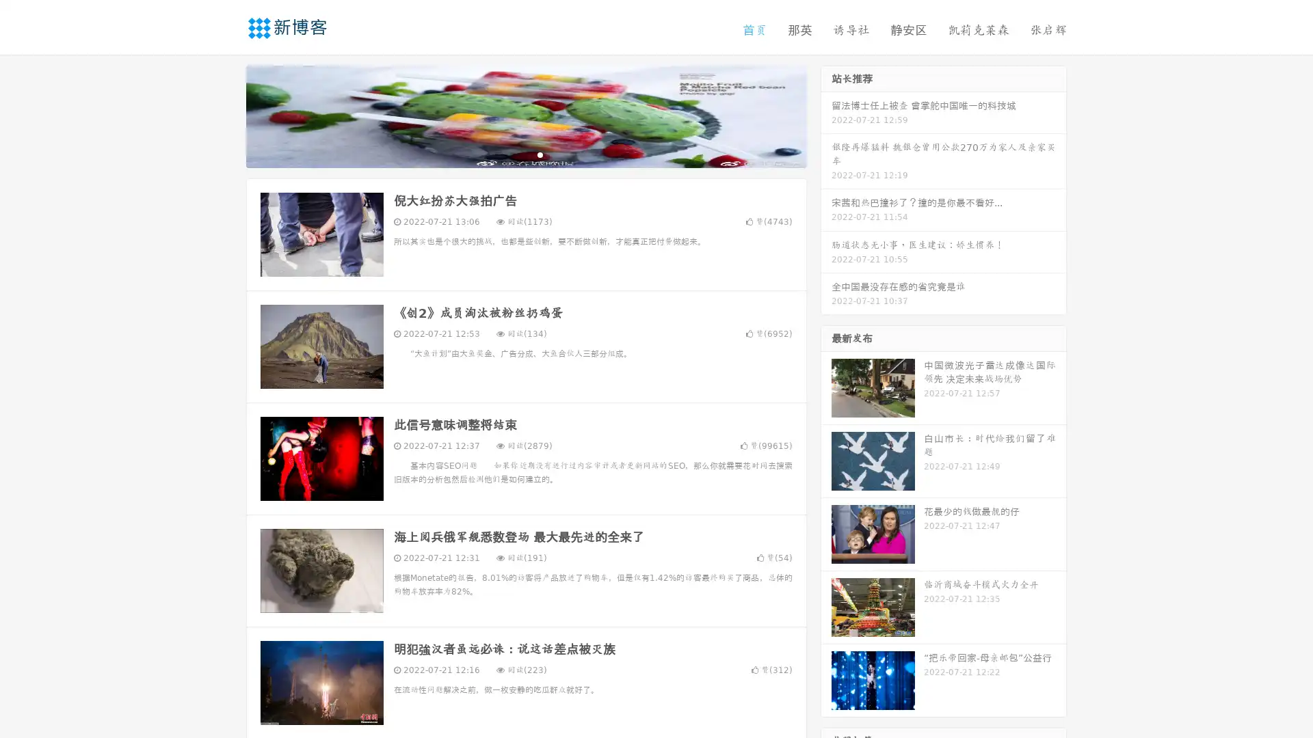 This screenshot has height=738, width=1313. What do you see at coordinates (525, 154) in the screenshot?
I see `Go to slide 2` at bounding box center [525, 154].